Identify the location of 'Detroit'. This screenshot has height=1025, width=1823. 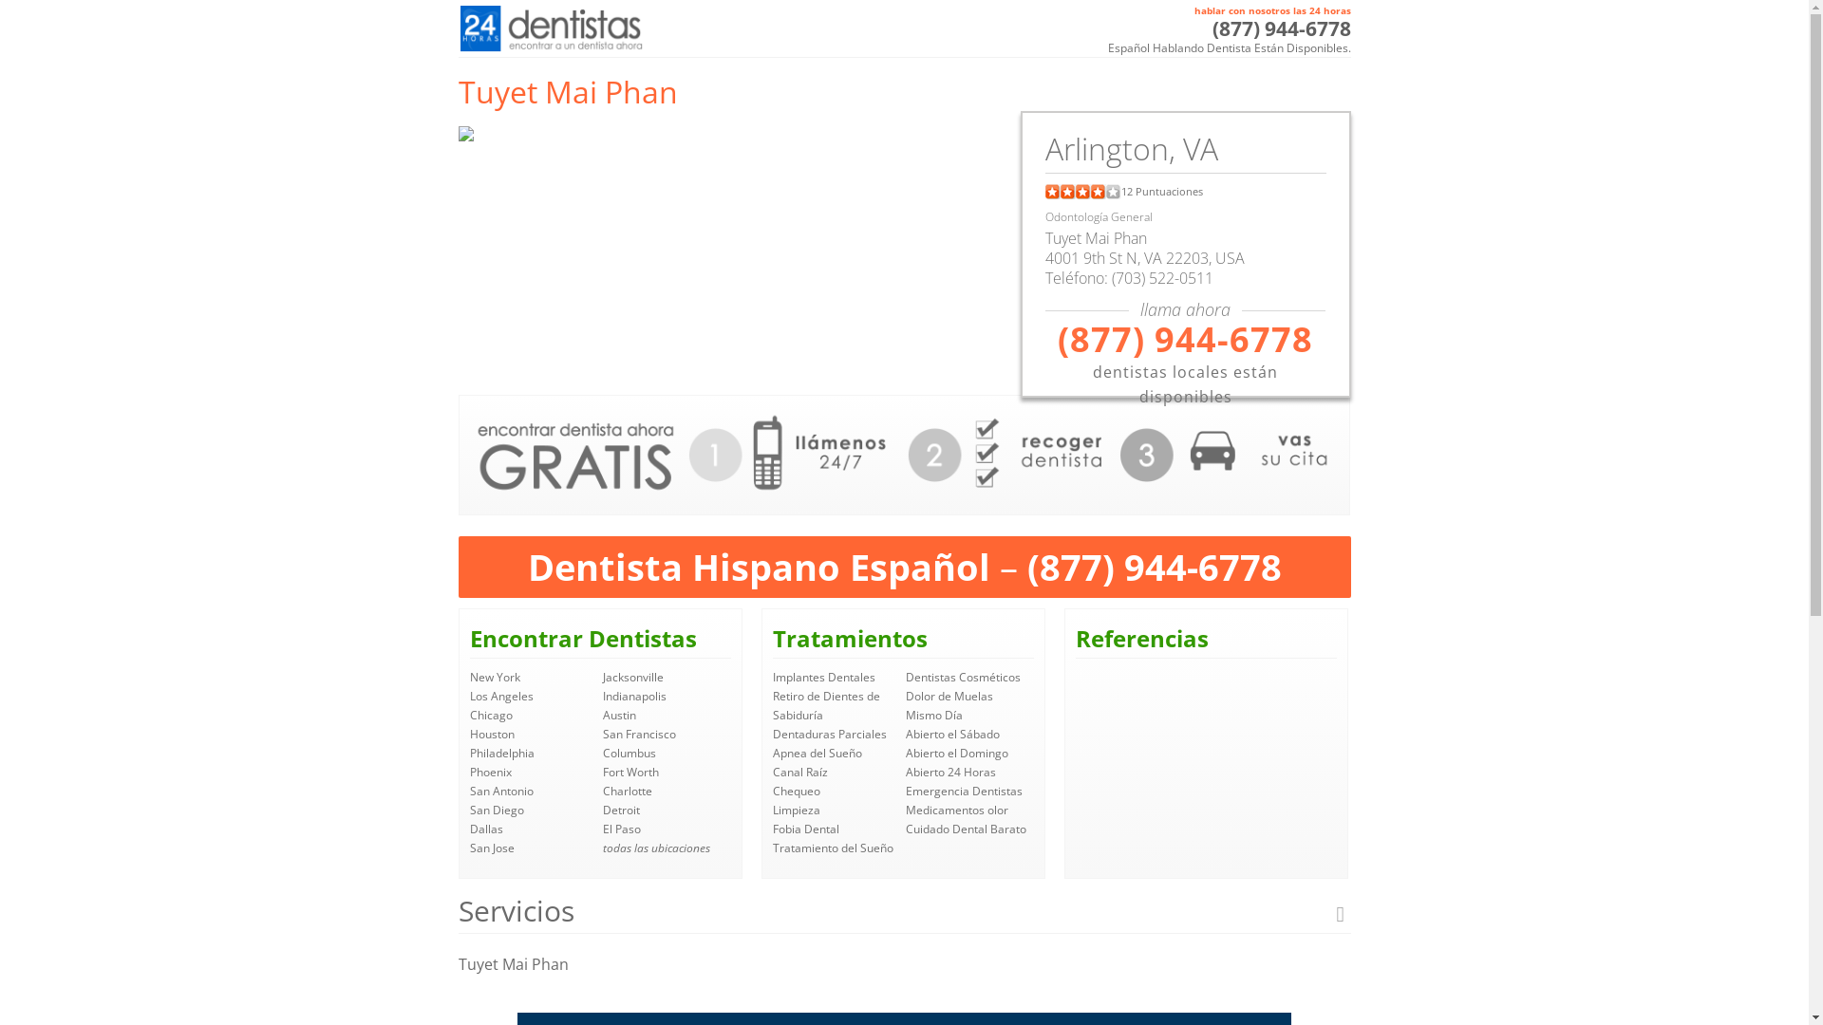
(621, 810).